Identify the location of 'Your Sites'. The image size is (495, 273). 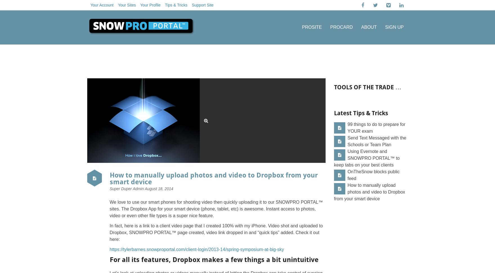
(118, 5).